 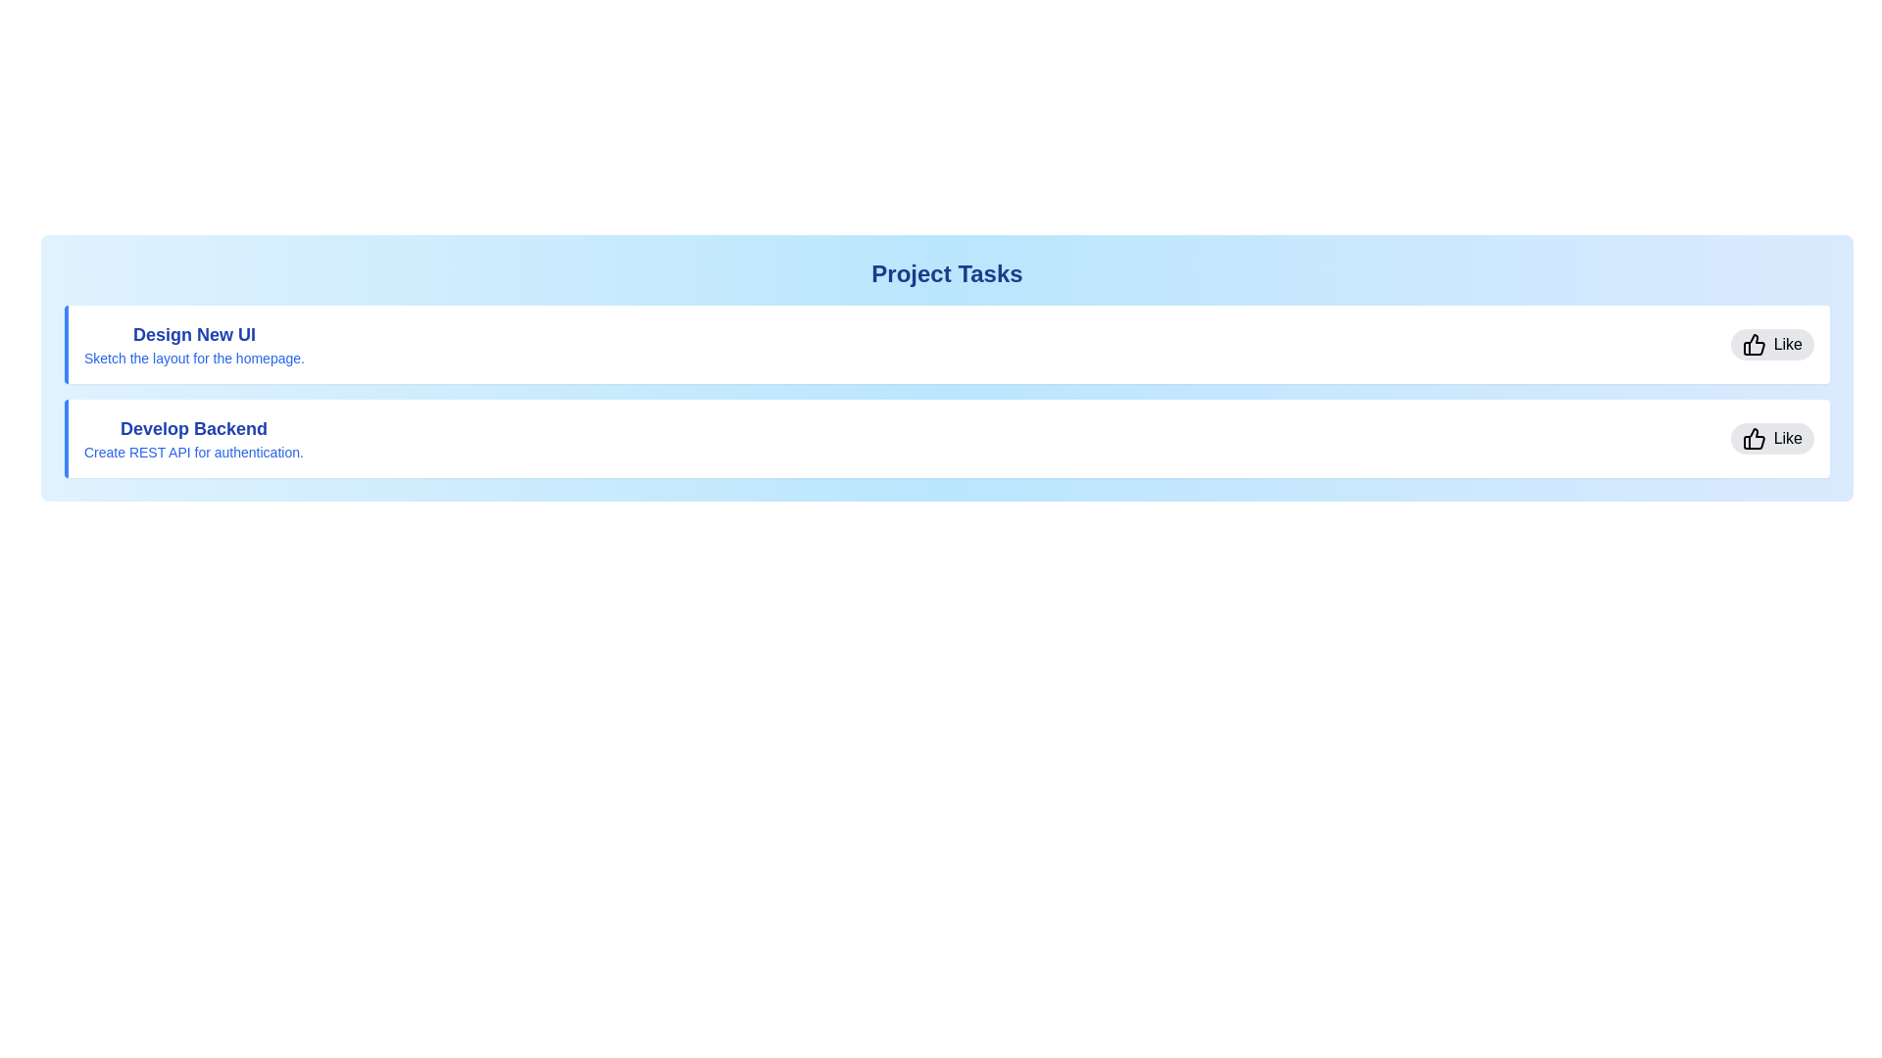 What do you see at coordinates (1772, 343) in the screenshot?
I see `the 'Like' button for the task titled '<task_title>'` at bounding box center [1772, 343].